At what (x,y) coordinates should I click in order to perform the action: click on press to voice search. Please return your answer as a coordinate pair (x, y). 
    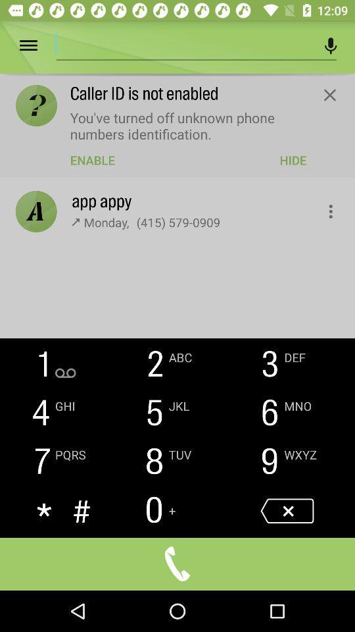
    Looking at the image, I should click on (330, 45).